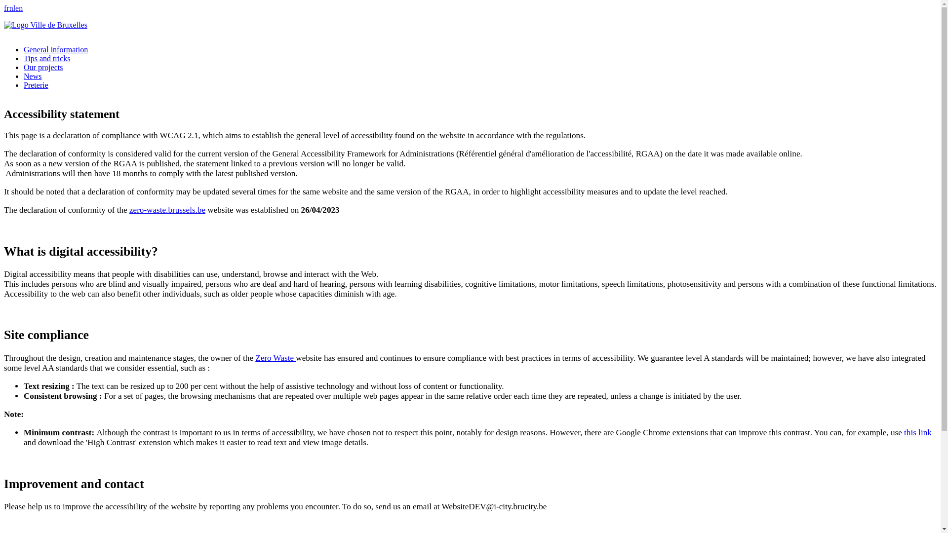  Describe the element at coordinates (19, 8) in the screenshot. I see `'en'` at that location.